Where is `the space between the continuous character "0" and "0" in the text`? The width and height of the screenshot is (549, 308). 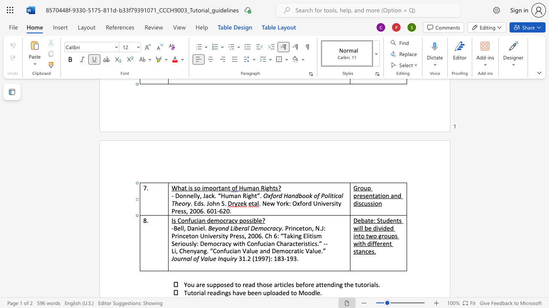
the space between the continuous character "0" and "0" in the text is located at coordinates (196, 211).